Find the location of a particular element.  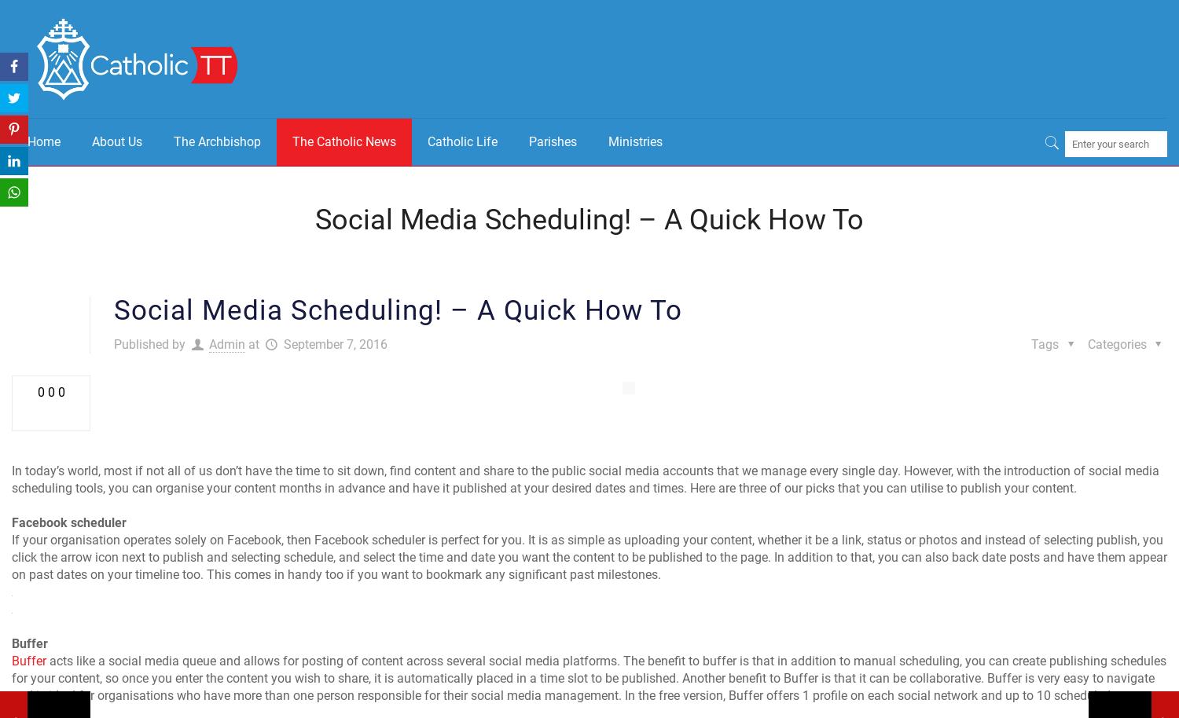

'September 7, 2016' is located at coordinates (334, 343).